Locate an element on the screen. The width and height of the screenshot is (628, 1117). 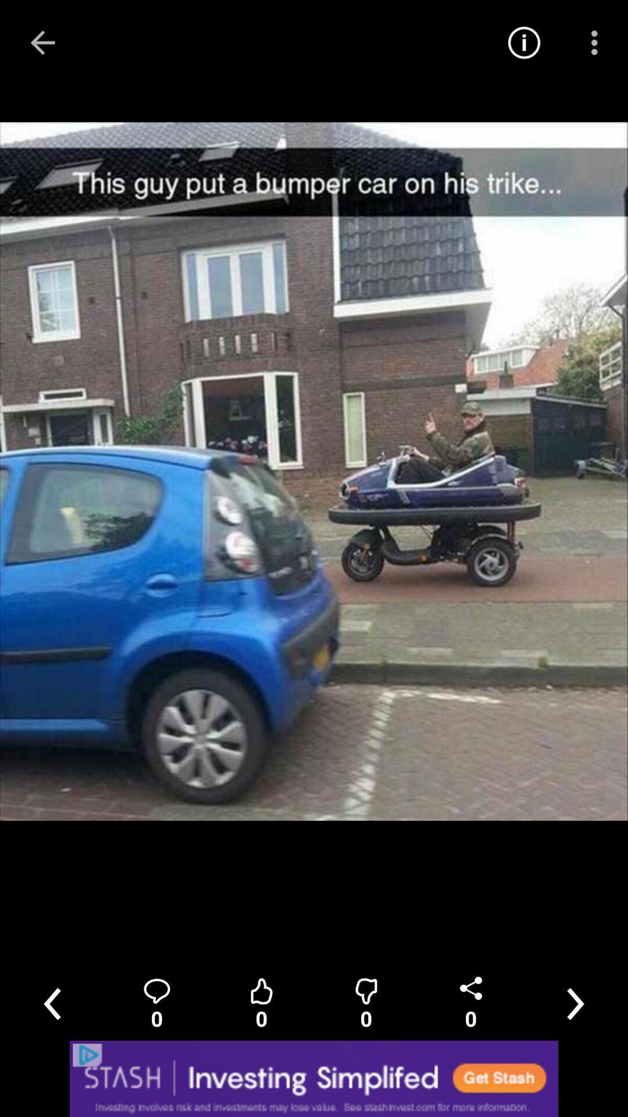
the weather icon is located at coordinates (576, 1003).